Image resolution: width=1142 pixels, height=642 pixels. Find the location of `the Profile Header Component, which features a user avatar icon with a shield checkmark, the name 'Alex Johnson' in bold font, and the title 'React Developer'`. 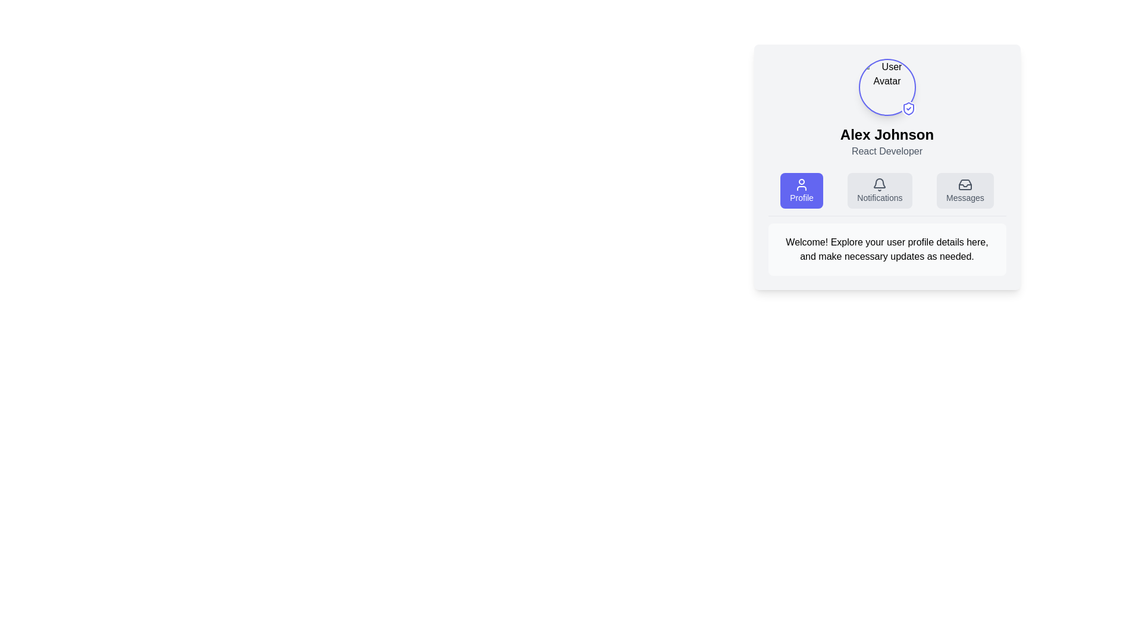

the Profile Header Component, which features a user avatar icon with a shield checkmark, the name 'Alex Johnson' in bold font, and the title 'React Developer' is located at coordinates (887, 108).